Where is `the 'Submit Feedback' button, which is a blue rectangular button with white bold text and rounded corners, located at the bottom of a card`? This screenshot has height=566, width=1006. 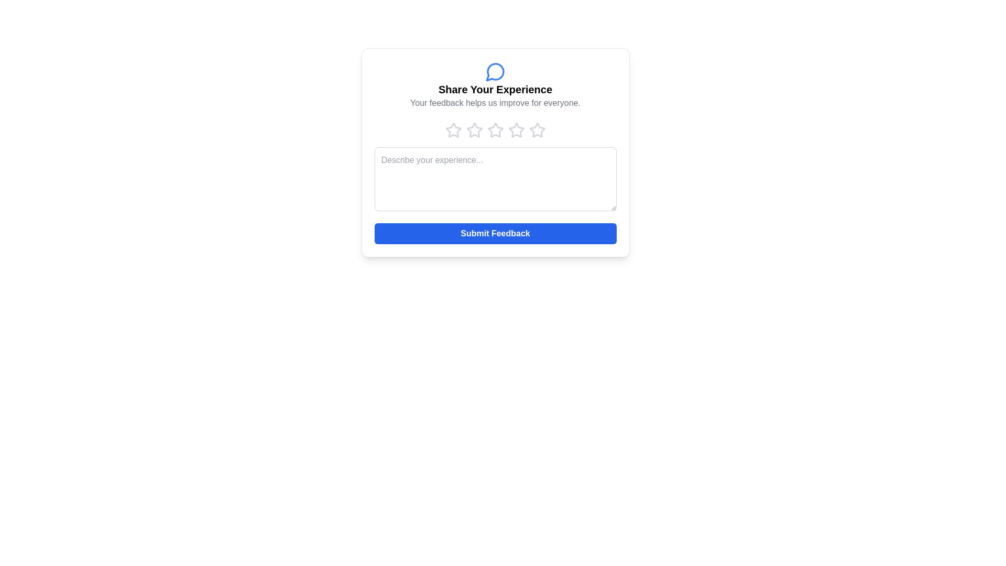
the 'Submit Feedback' button, which is a blue rectangular button with white bold text and rounded corners, located at the bottom of a card is located at coordinates (495, 233).